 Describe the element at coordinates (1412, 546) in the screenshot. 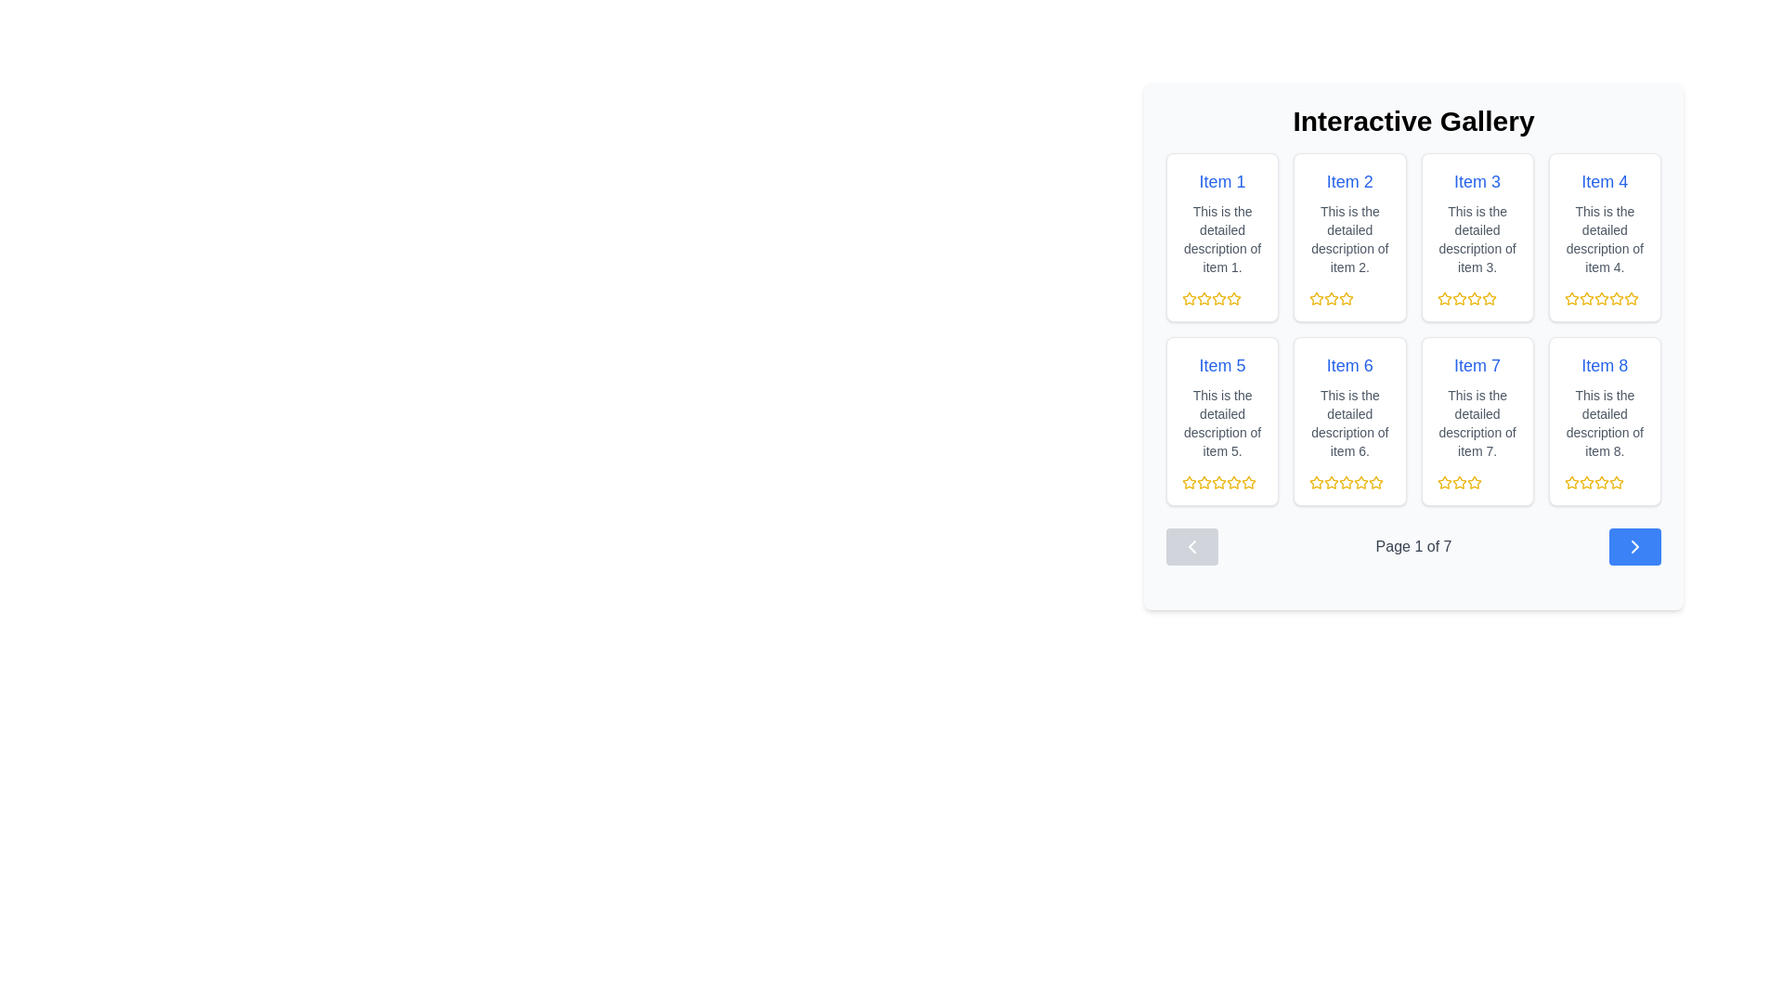

I see `text label displaying 'Page 1 of 7' to understand the current pagination state, located centrally at the bottom of the gallery interface` at that location.